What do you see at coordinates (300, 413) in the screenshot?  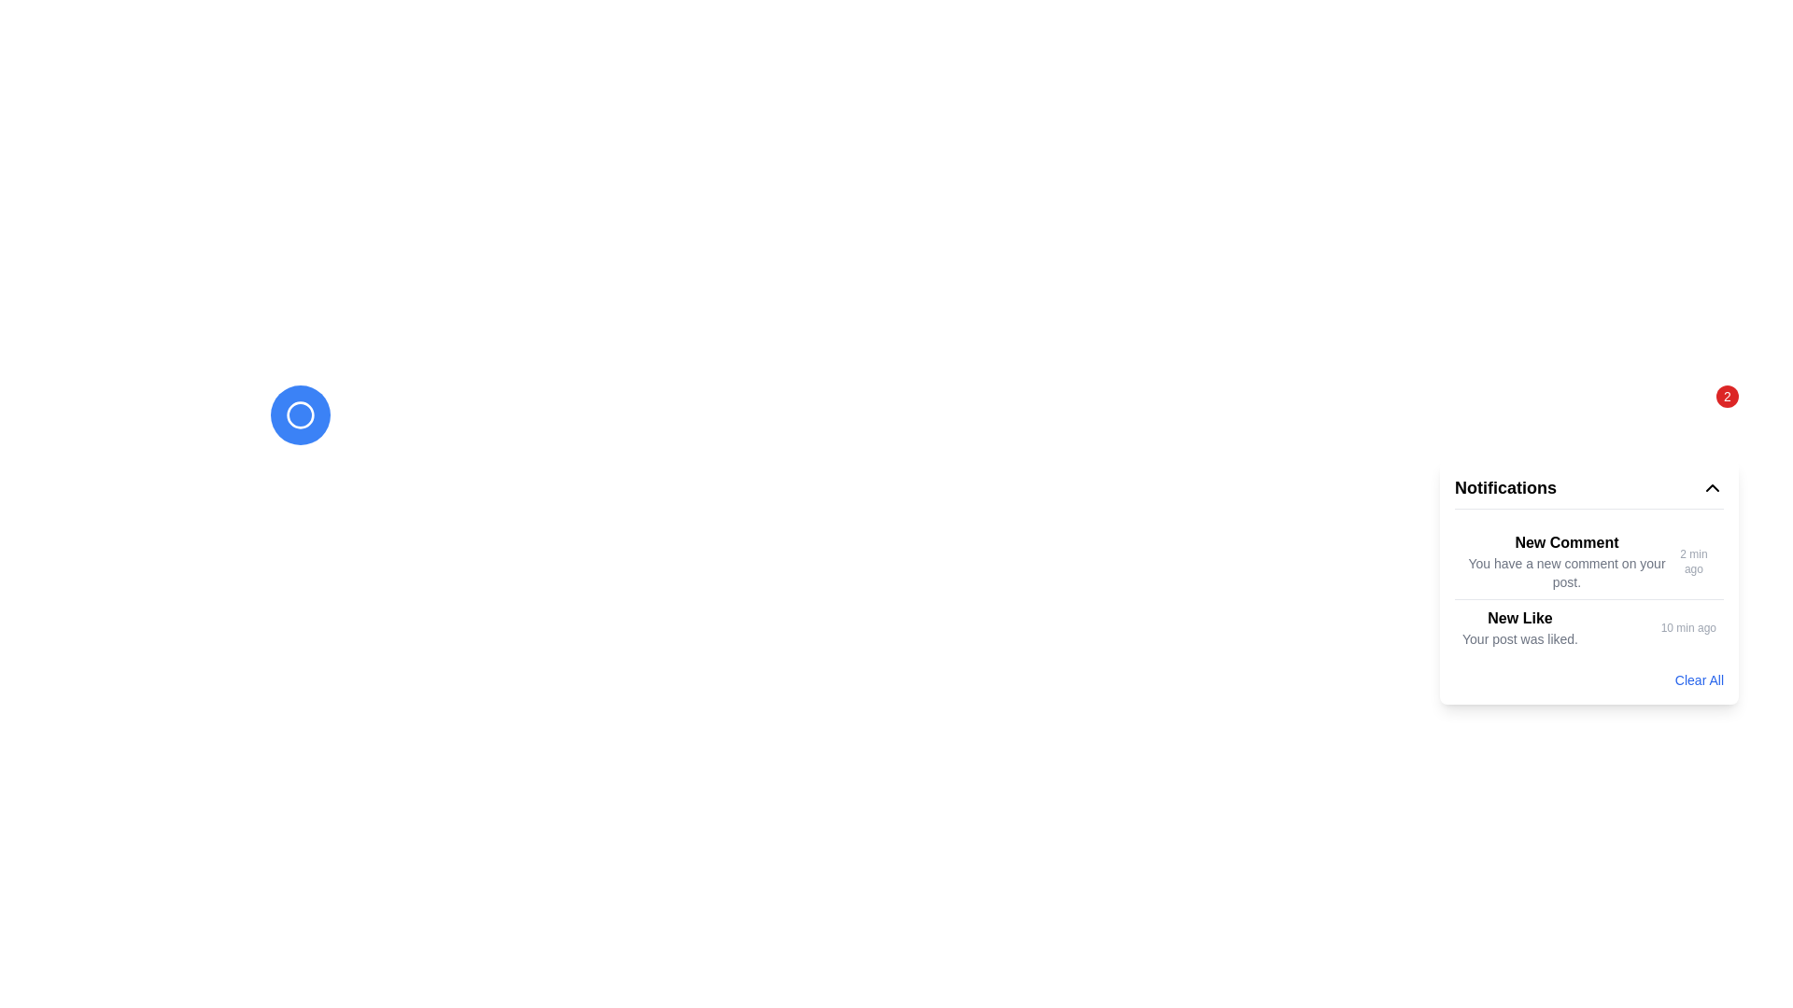 I see `the Graphical Circle, which is a blue filled circular element with a white outline, located near the bottom-center area of the UI` at bounding box center [300, 413].